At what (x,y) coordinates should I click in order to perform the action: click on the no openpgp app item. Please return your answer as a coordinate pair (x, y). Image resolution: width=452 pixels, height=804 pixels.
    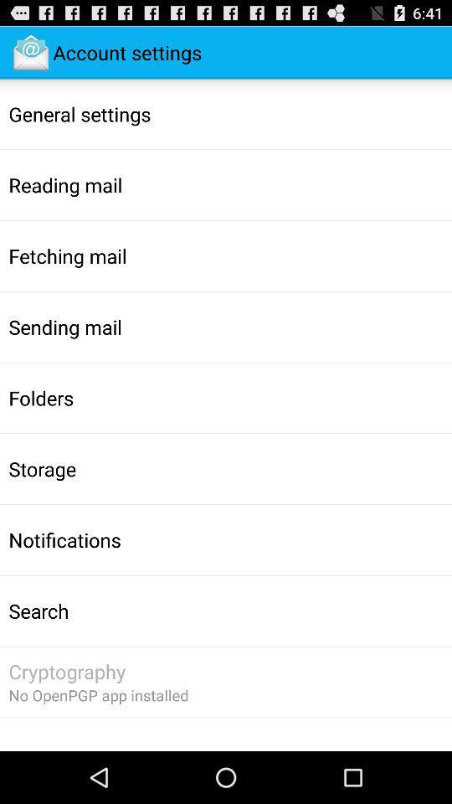
    Looking at the image, I should click on (99, 695).